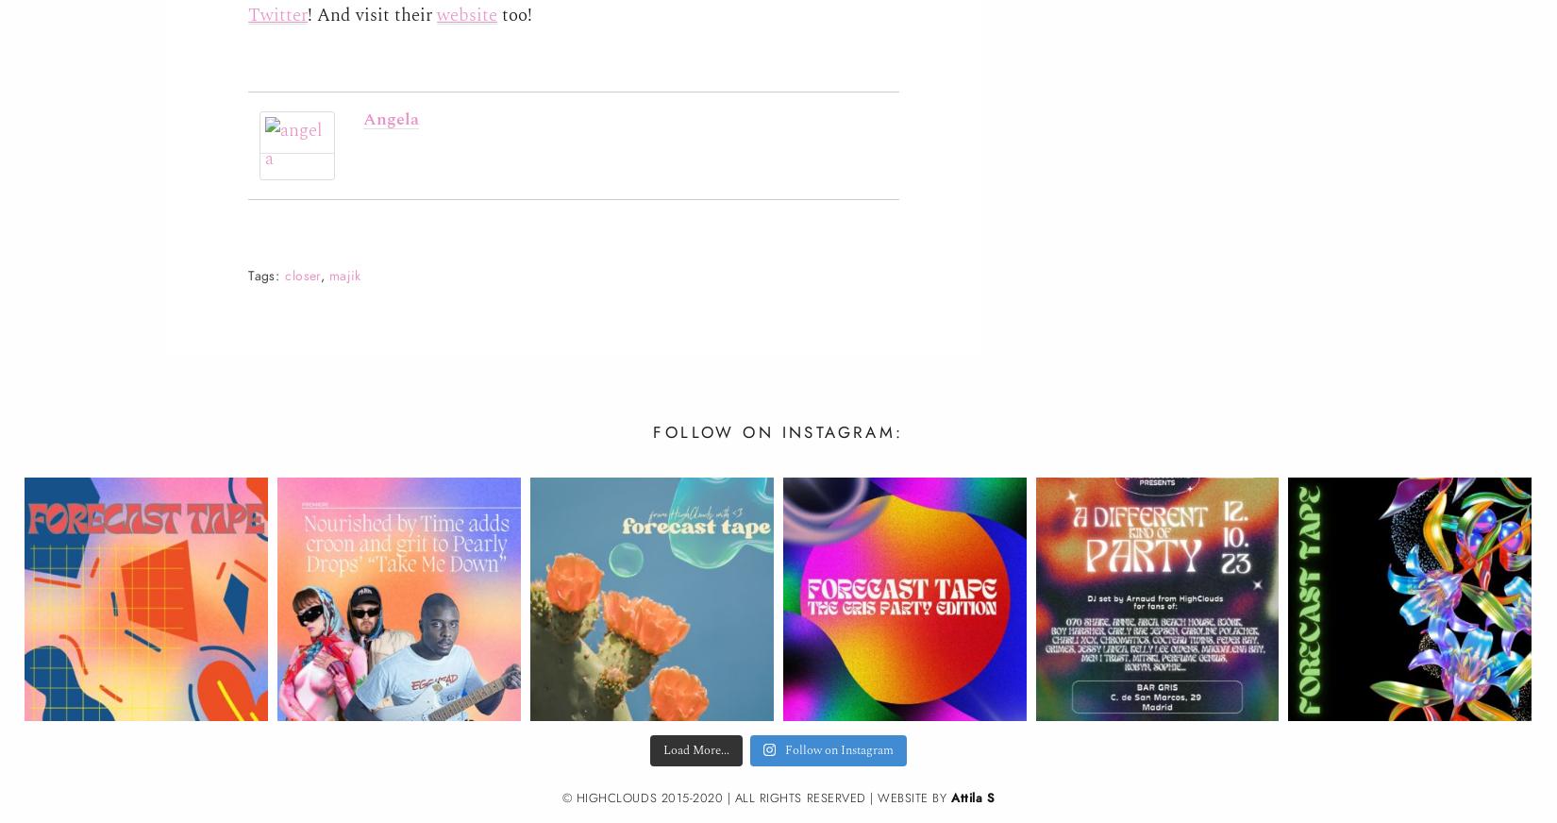  What do you see at coordinates (712, 430) in the screenshot?
I see `'Follow on'` at bounding box center [712, 430].